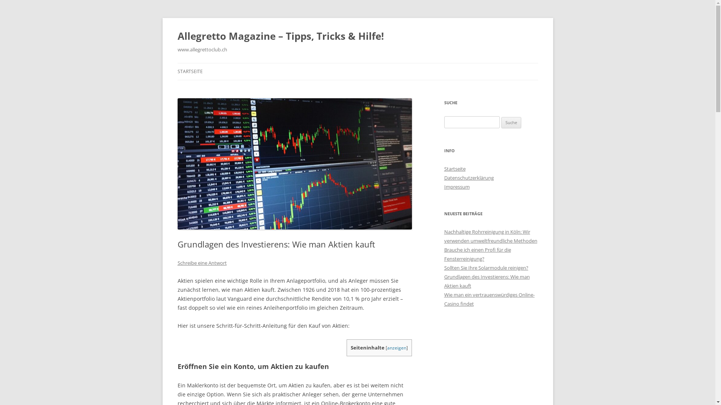 The height and width of the screenshot is (405, 721). What do you see at coordinates (486, 267) in the screenshot?
I see `'Sollten Sie Ihre Solarmodule reinigen?'` at bounding box center [486, 267].